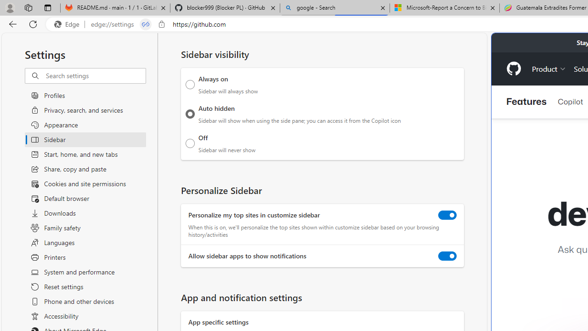  Describe the element at coordinates (447, 256) in the screenshot. I see `'Allow sidebar apps to show notifications'` at that location.